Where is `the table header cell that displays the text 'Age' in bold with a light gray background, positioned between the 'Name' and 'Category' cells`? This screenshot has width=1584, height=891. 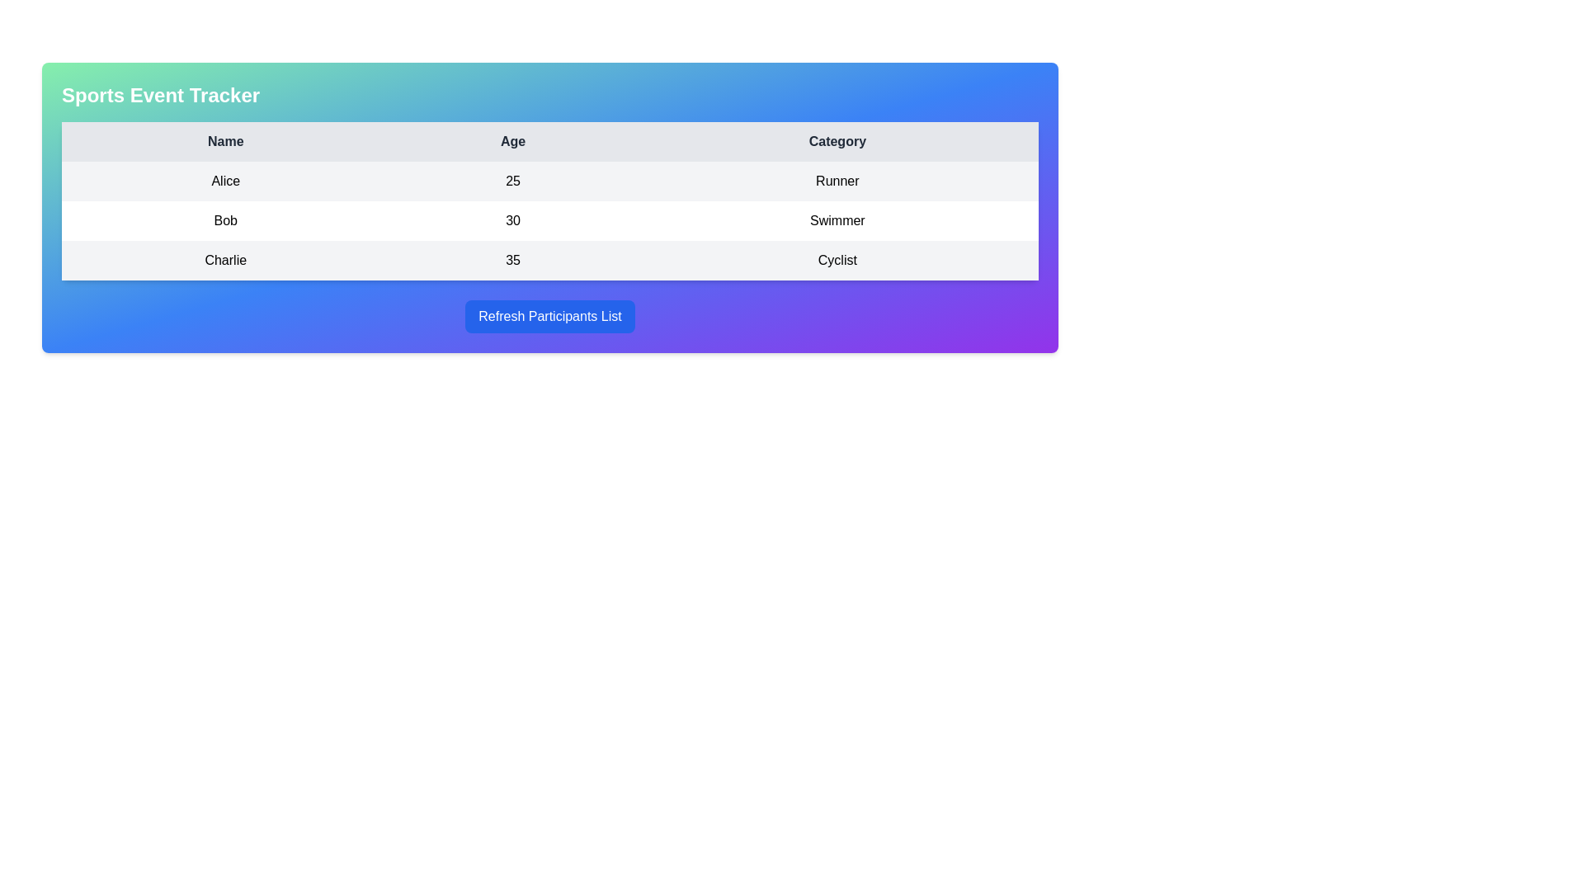 the table header cell that displays the text 'Age' in bold with a light gray background, positioned between the 'Name' and 'Category' cells is located at coordinates (512, 141).